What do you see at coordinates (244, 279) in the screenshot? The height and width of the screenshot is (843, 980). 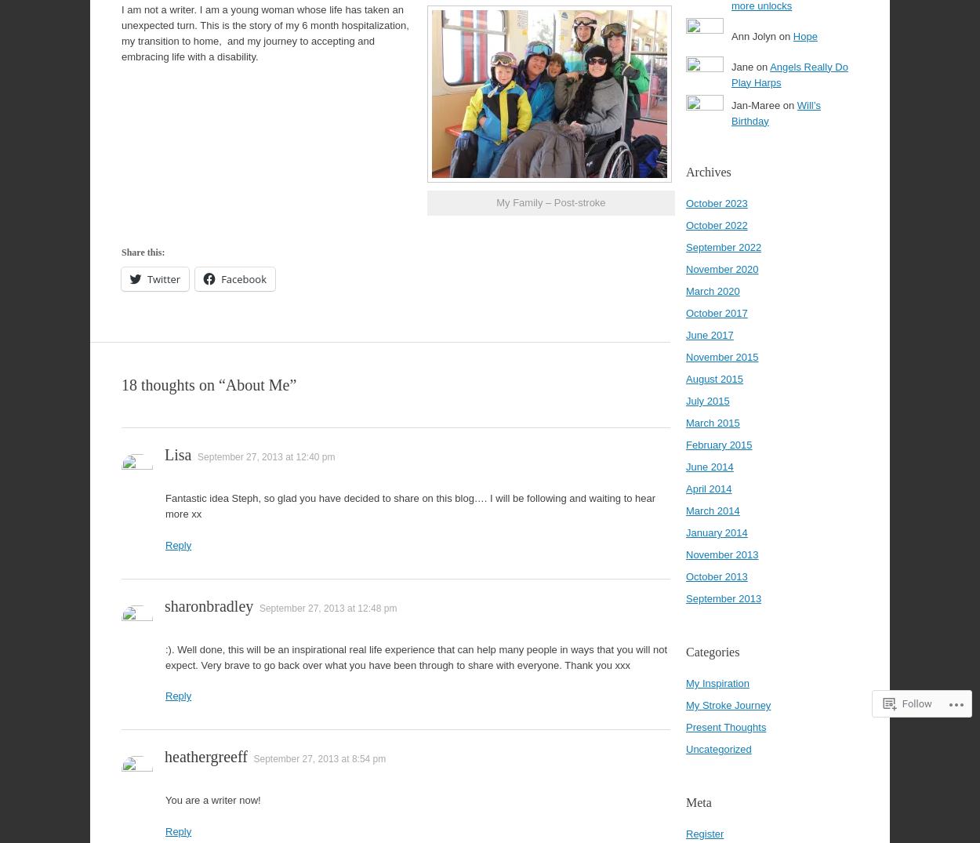 I see `'Facebook'` at bounding box center [244, 279].